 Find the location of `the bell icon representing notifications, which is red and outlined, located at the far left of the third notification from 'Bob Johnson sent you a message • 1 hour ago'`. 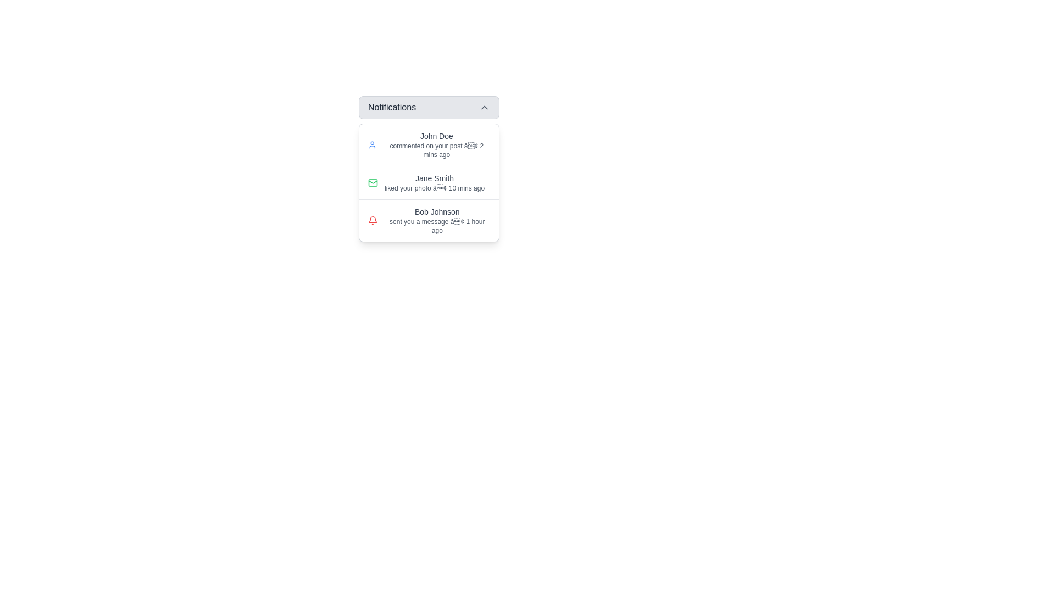

the bell icon representing notifications, which is red and outlined, located at the far left of the third notification from 'Bob Johnson sent you a message • 1 hour ago' is located at coordinates (373, 220).